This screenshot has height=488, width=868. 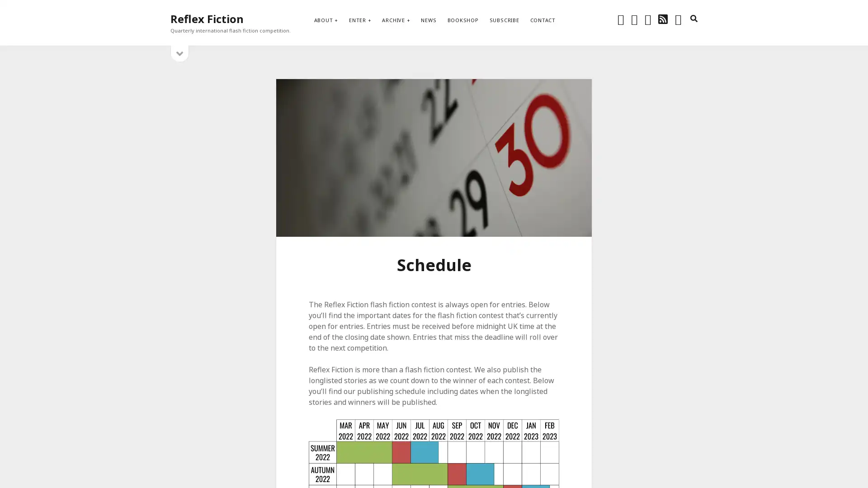 I want to click on open sidebar, so click(x=179, y=54).